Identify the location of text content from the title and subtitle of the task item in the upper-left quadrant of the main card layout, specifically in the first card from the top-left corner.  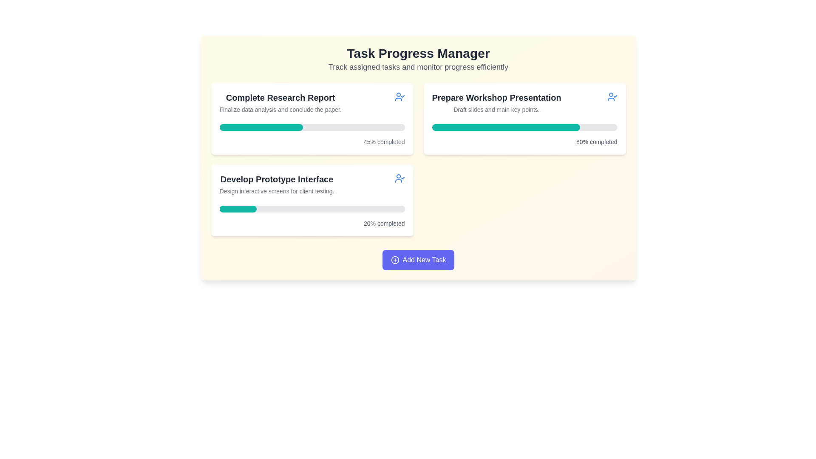
(312, 102).